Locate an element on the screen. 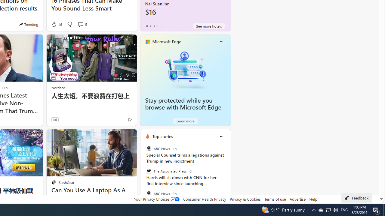 The height and width of the screenshot is (216, 385). 'tab-3' is located at coordinates (158, 26).